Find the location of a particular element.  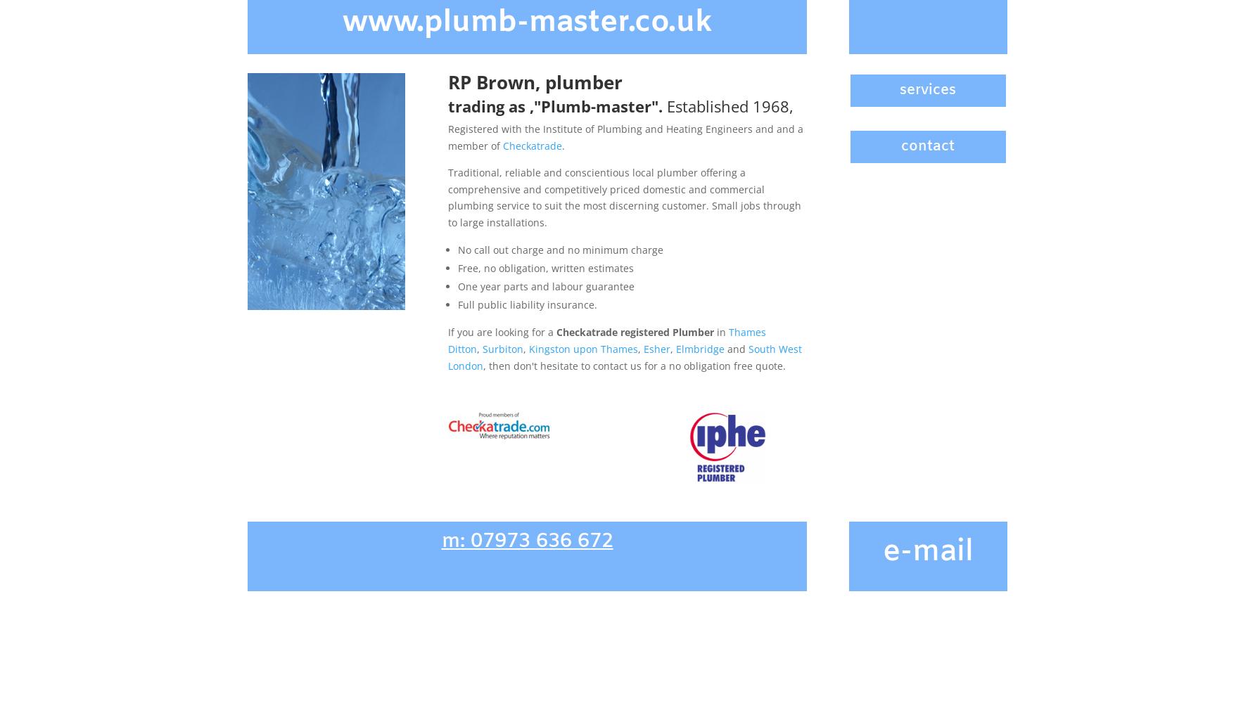

'Surbiton' is located at coordinates (482, 347).